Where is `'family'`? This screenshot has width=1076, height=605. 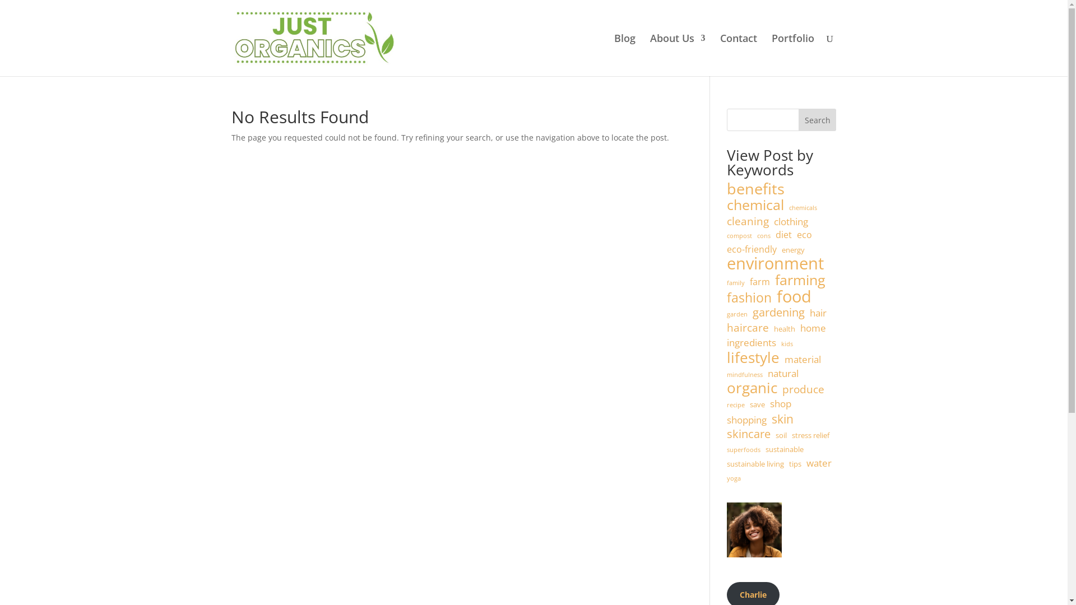
'family' is located at coordinates (736, 282).